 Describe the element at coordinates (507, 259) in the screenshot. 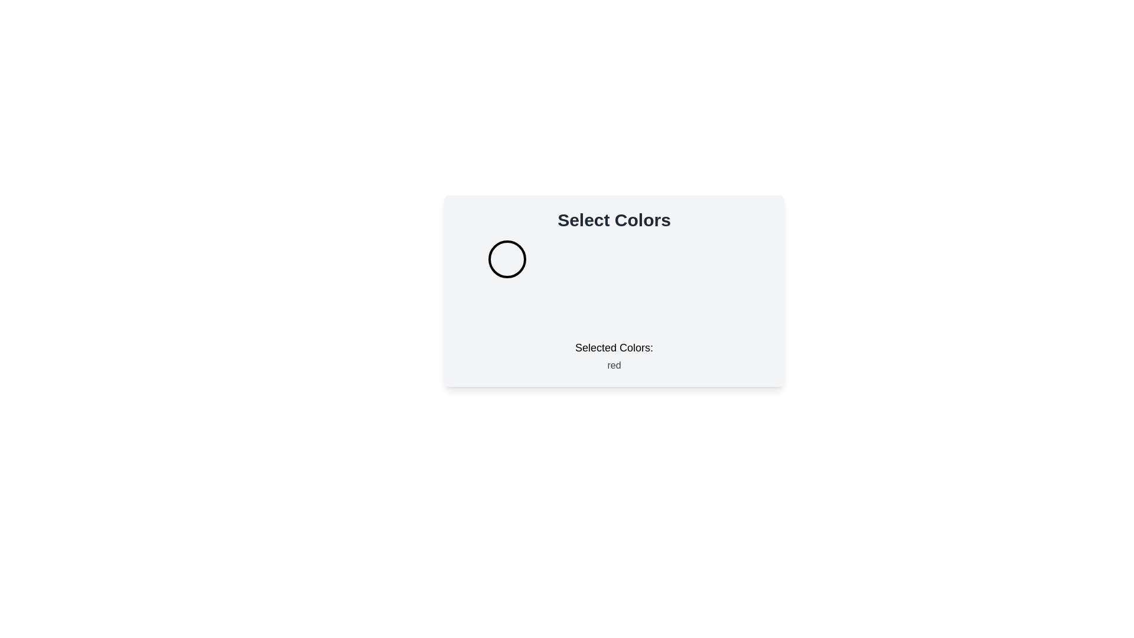

I see `the appearance of the circular button with a light gray background and thick black border, located under the 'Select Colors' title, for selection indication` at that location.